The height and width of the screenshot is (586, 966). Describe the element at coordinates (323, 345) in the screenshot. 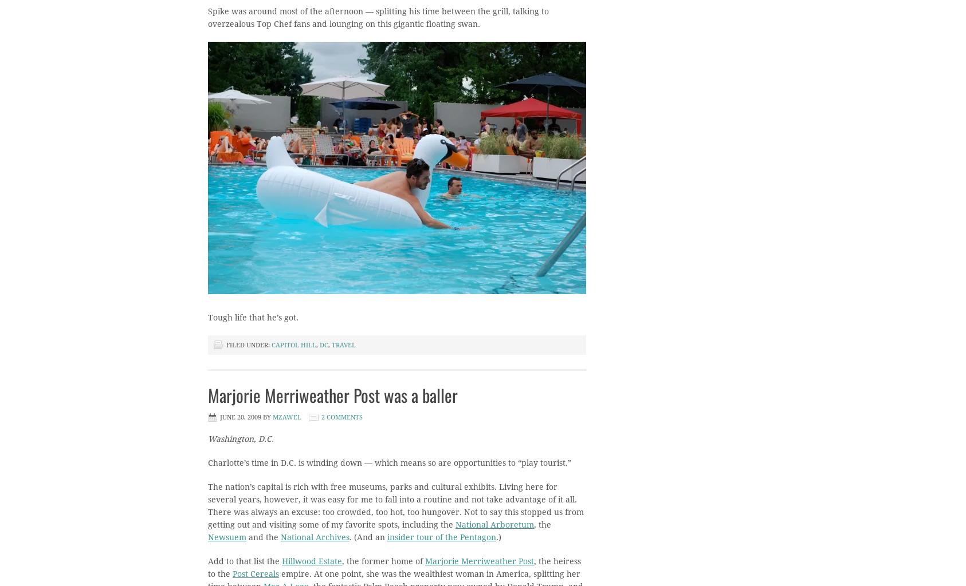

I see `'dc'` at that location.